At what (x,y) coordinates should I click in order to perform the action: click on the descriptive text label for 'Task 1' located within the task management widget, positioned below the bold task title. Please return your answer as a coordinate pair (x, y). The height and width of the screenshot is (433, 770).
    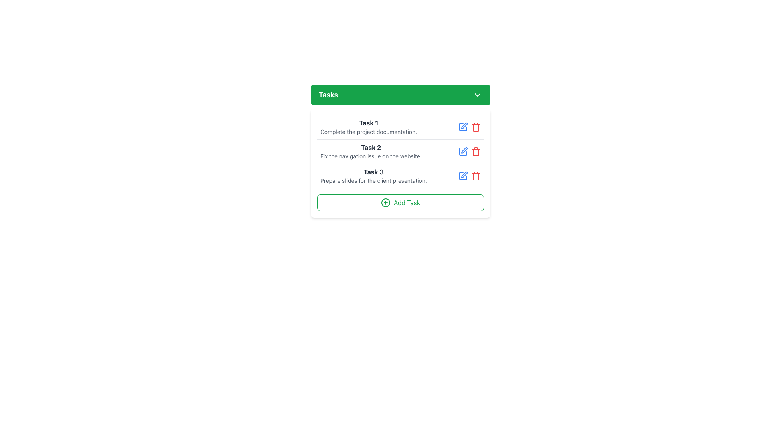
    Looking at the image, I should click on (368, 131).